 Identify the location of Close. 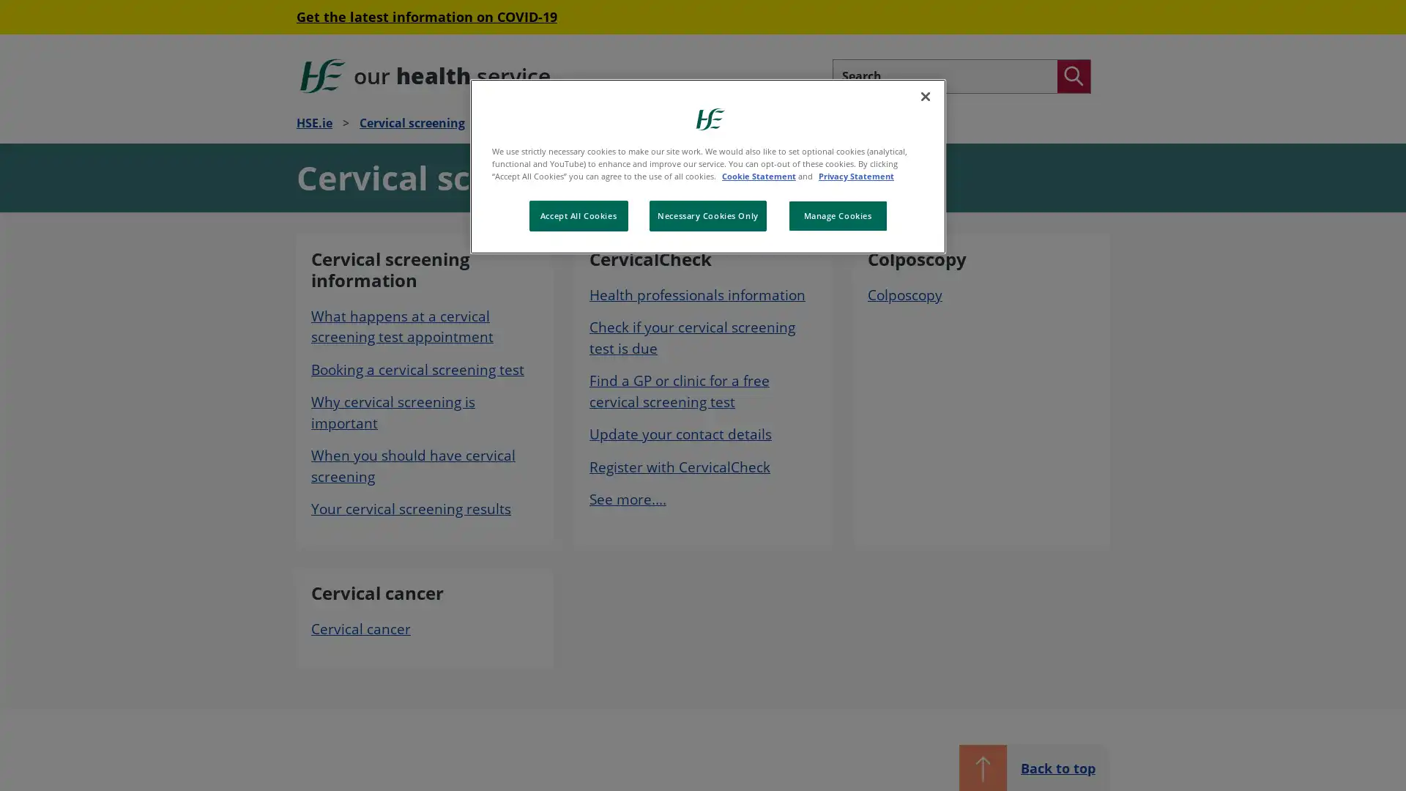
(924, 96).